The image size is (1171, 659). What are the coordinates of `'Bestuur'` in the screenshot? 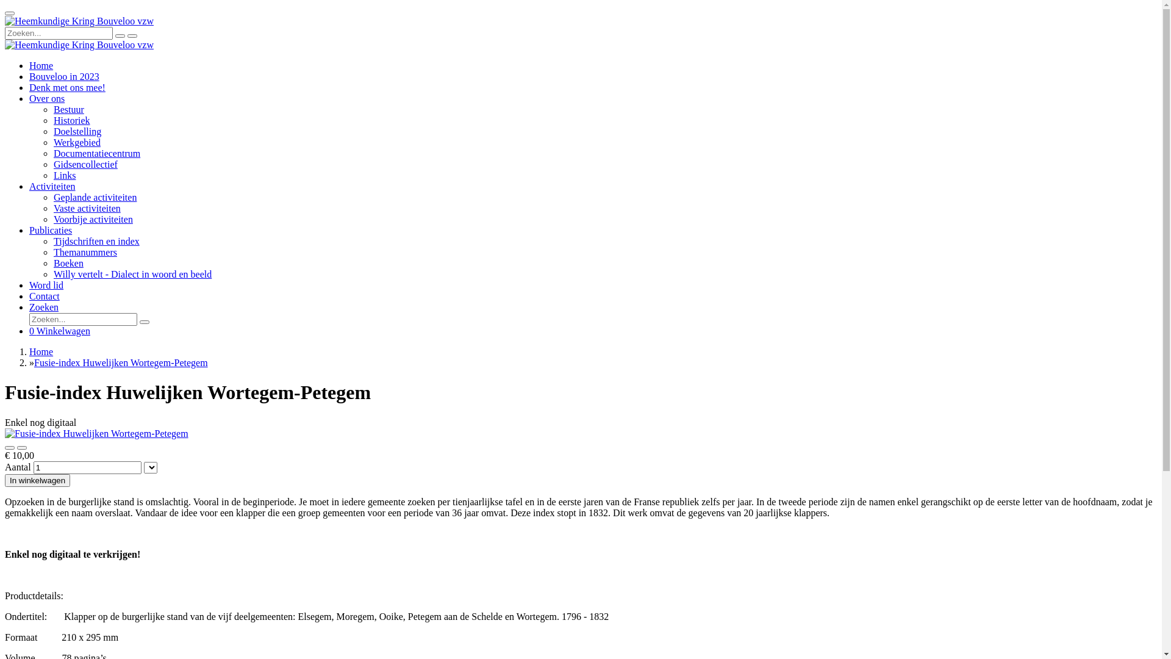 It's located at (68, 109).